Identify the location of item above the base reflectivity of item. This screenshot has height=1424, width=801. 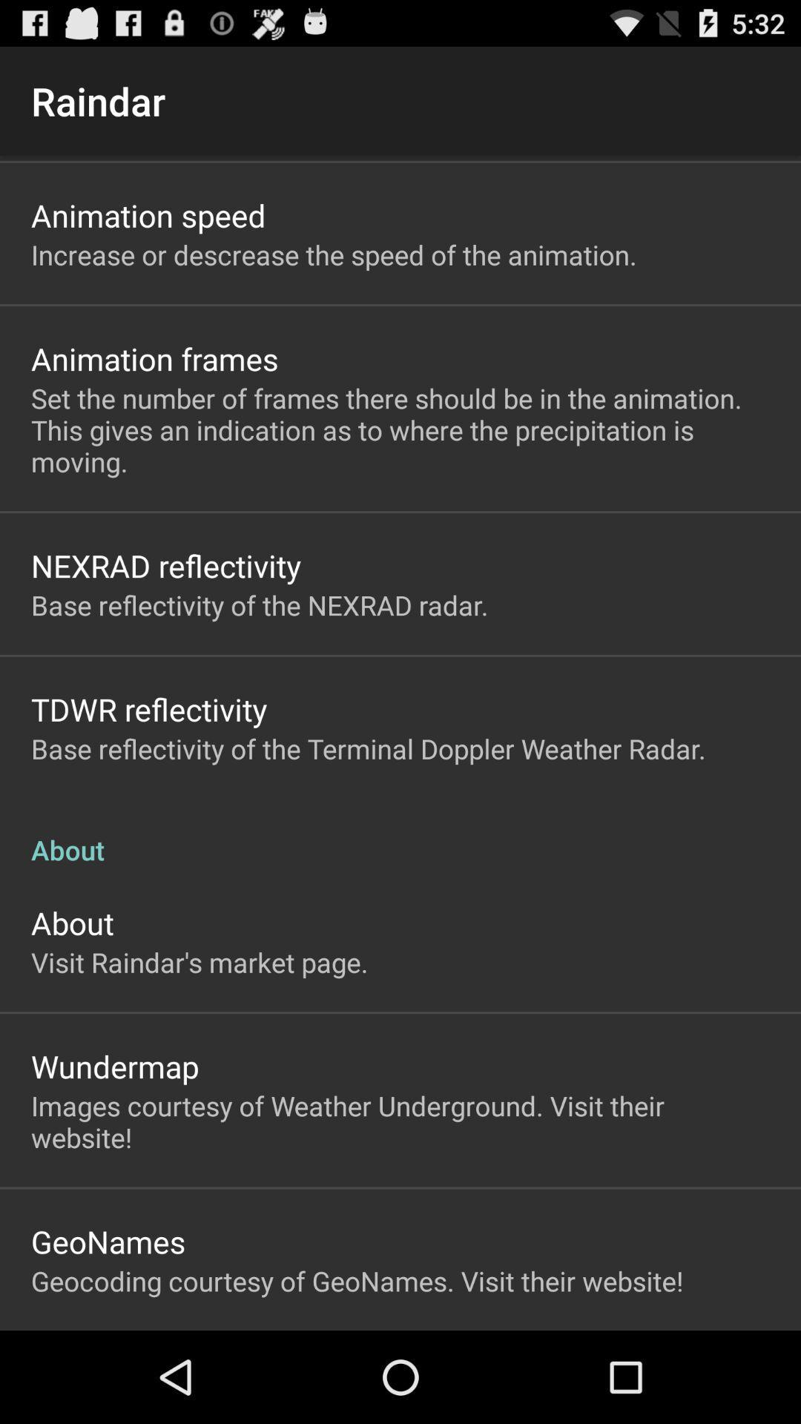
(149, 708).